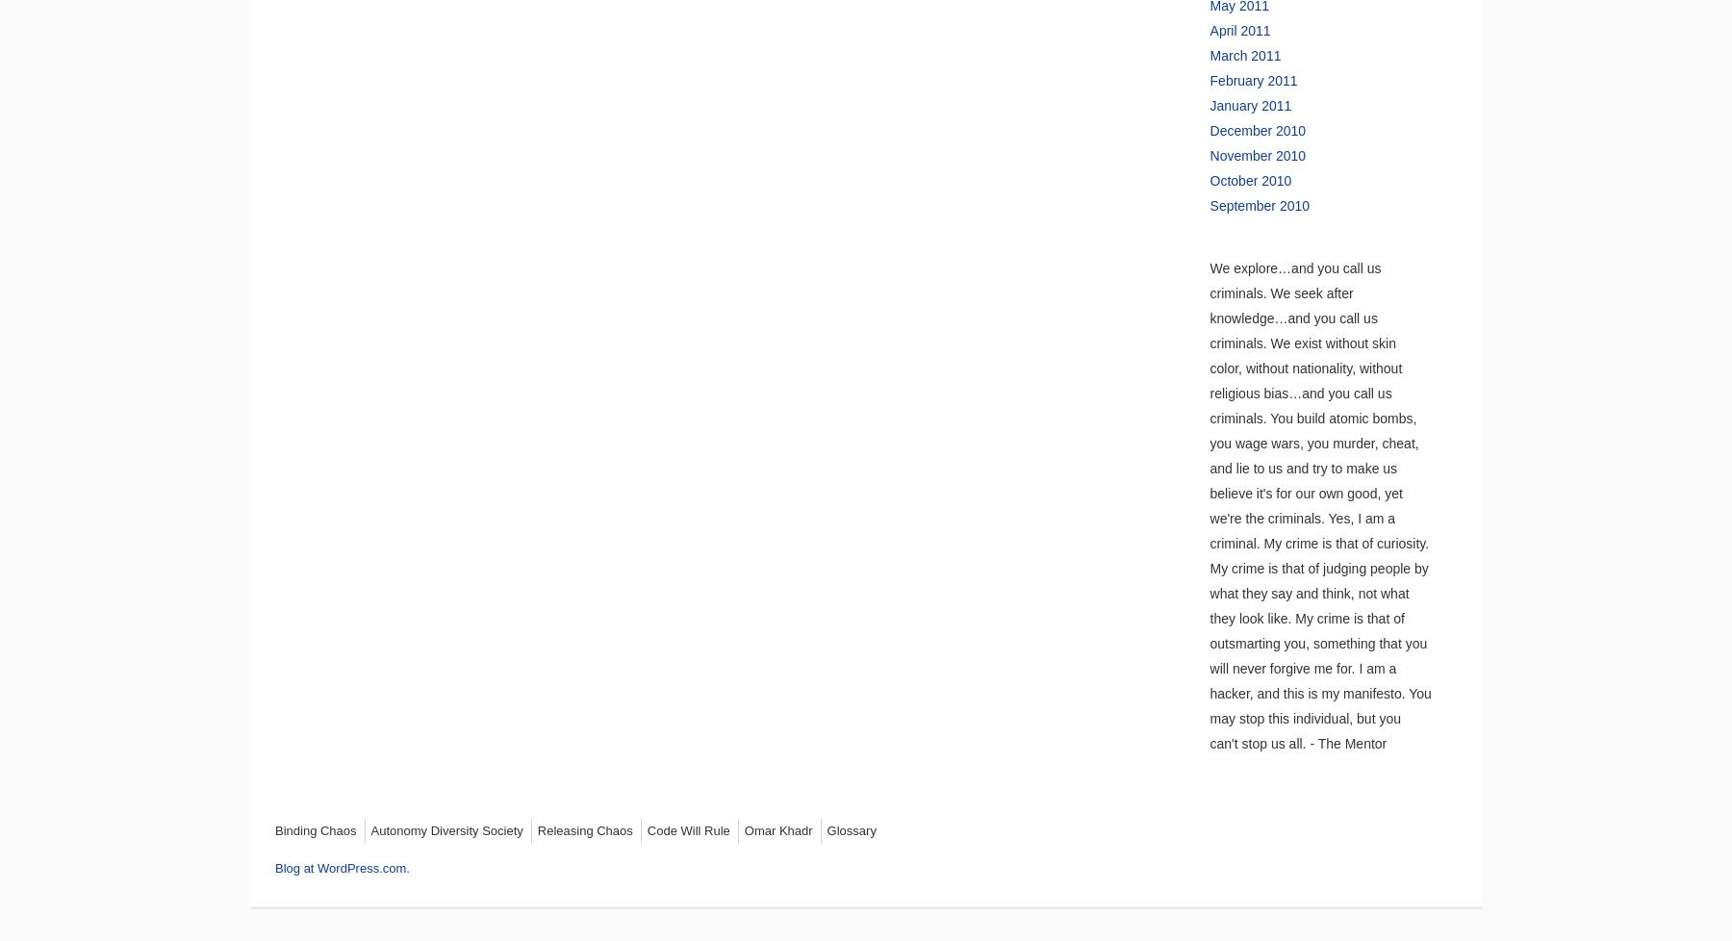 The image size is (1732, 941). Describe the element at coordinates (1245, 55) in the screenshot. I see `'March 2011'` at that location.